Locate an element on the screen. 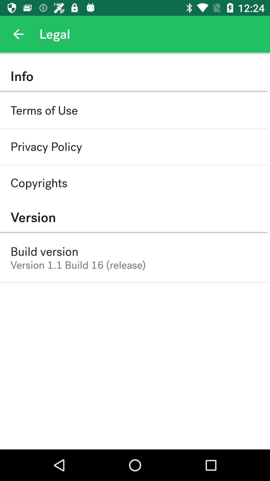 Image resolution: width=270 pixels, height=481 pixels. the privacy policy is located at coordinates (46, 147).